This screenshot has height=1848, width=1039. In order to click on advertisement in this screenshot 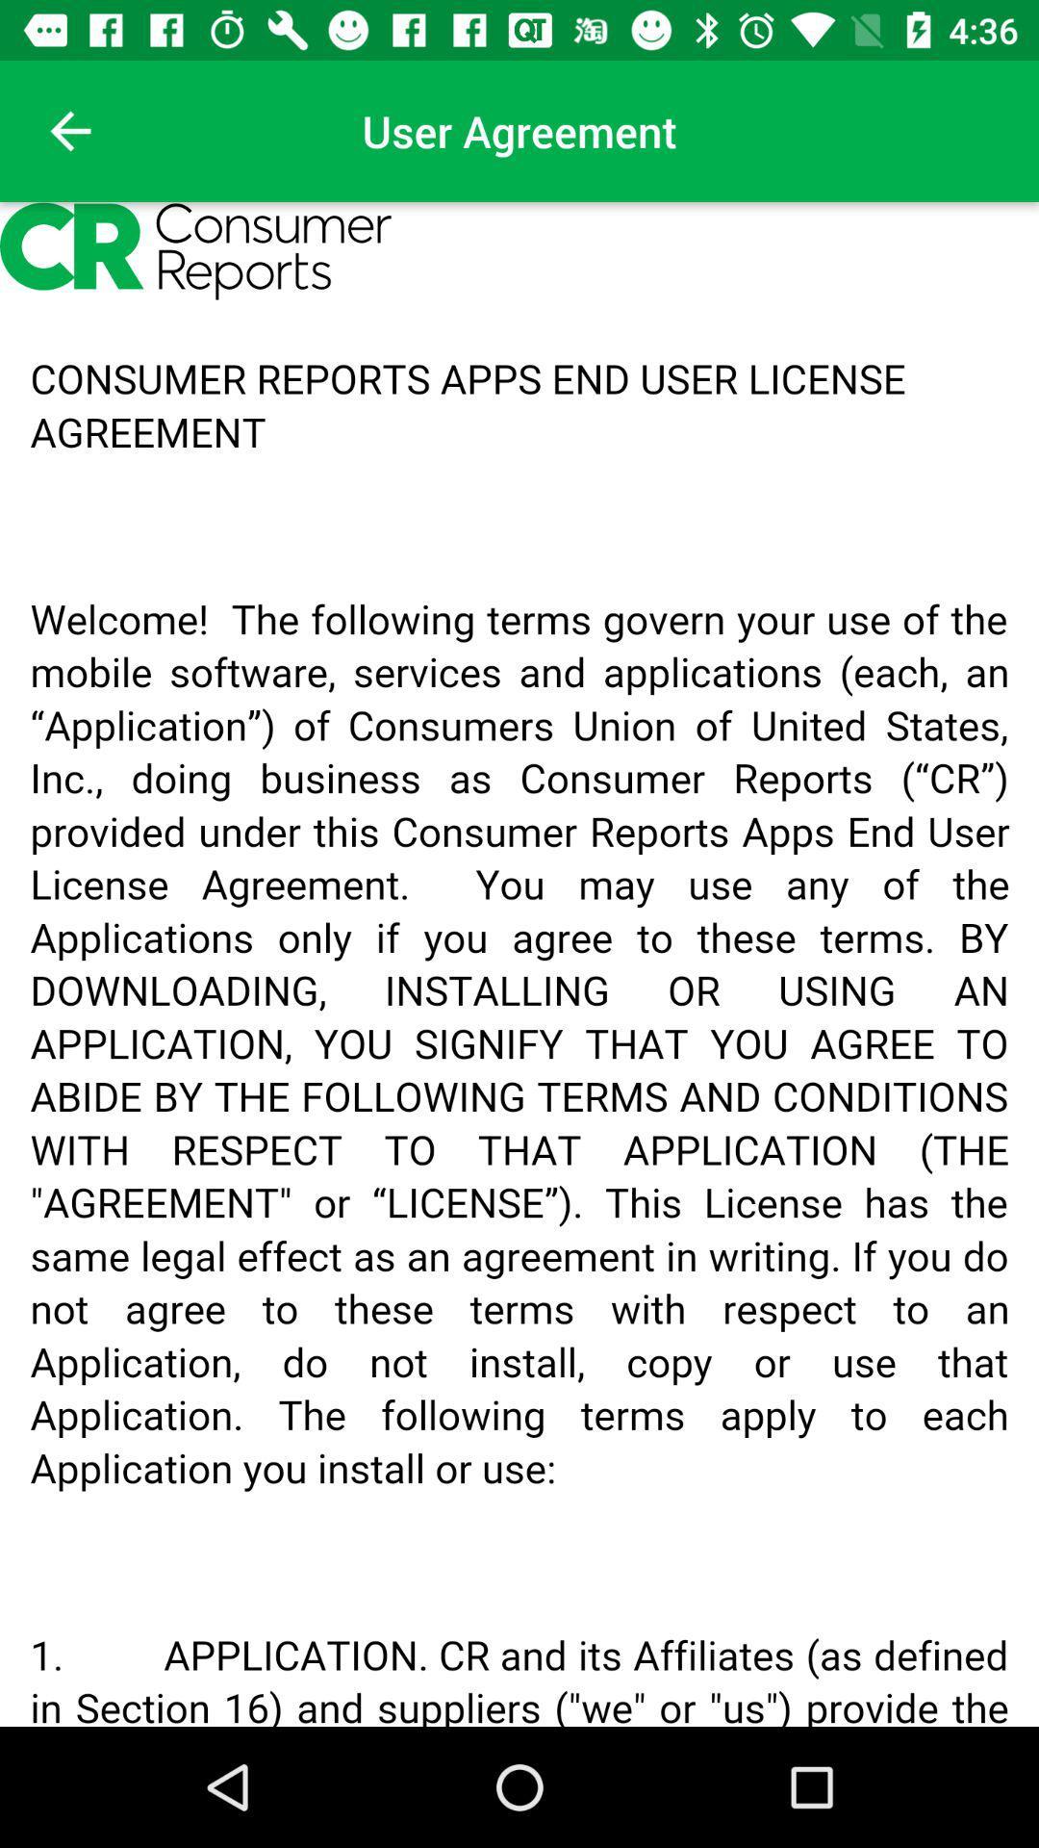, I will do `click(519, 964)`.